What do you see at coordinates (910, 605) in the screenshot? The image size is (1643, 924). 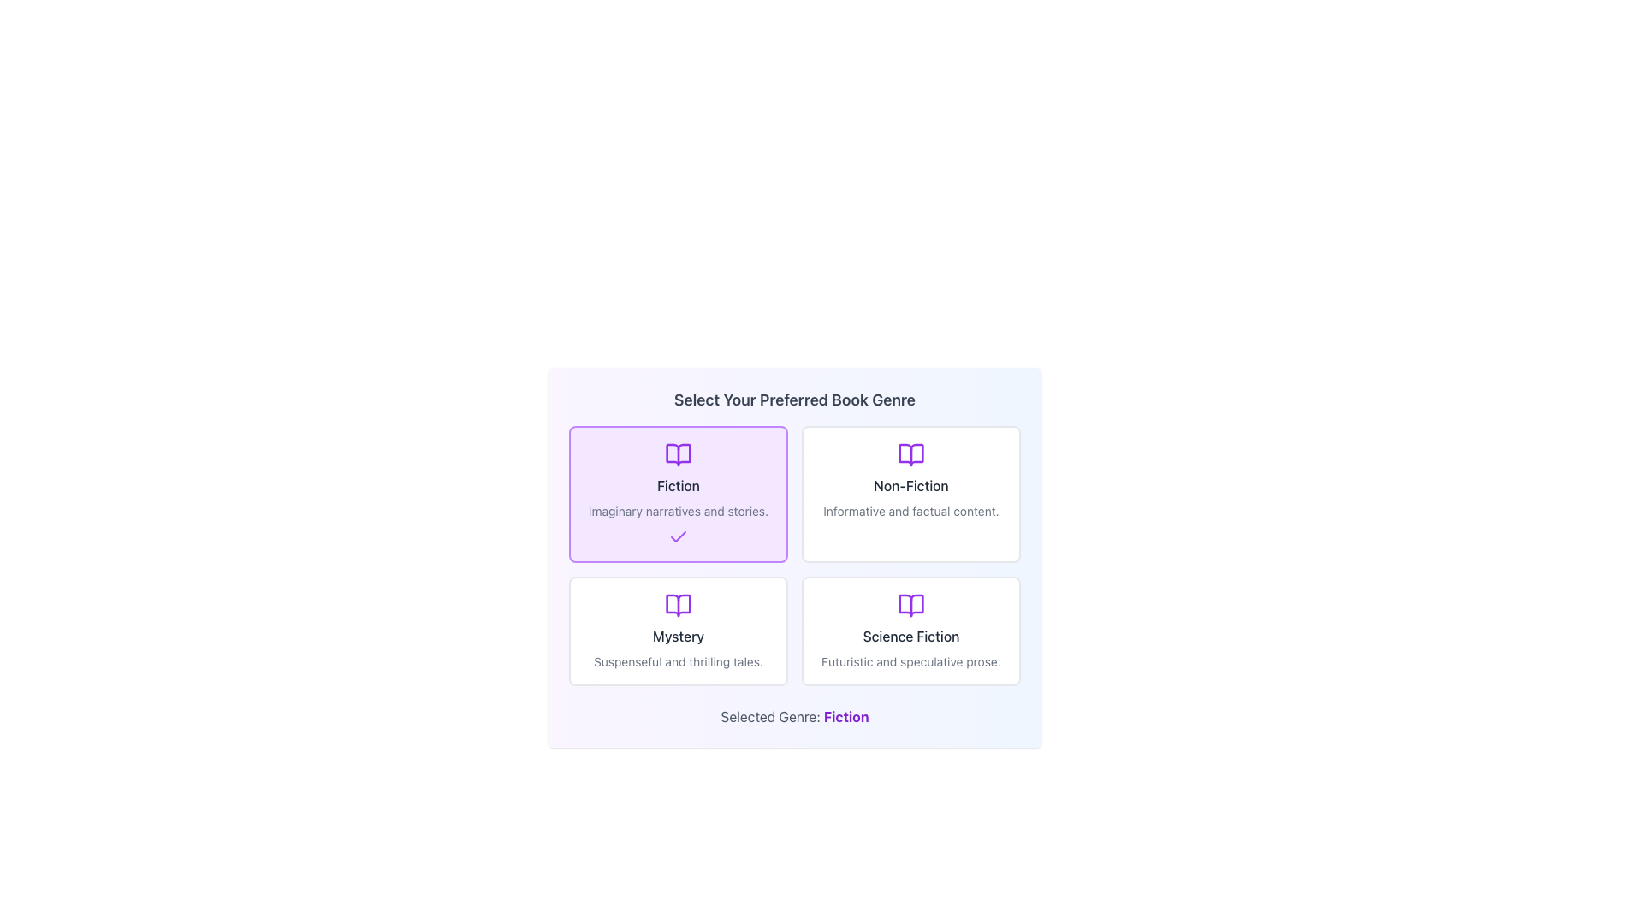 I see `the open book icon located at the bottom-right corner of the Science Fiction selection box in the main selection panel` at bounding box center [910, 605].